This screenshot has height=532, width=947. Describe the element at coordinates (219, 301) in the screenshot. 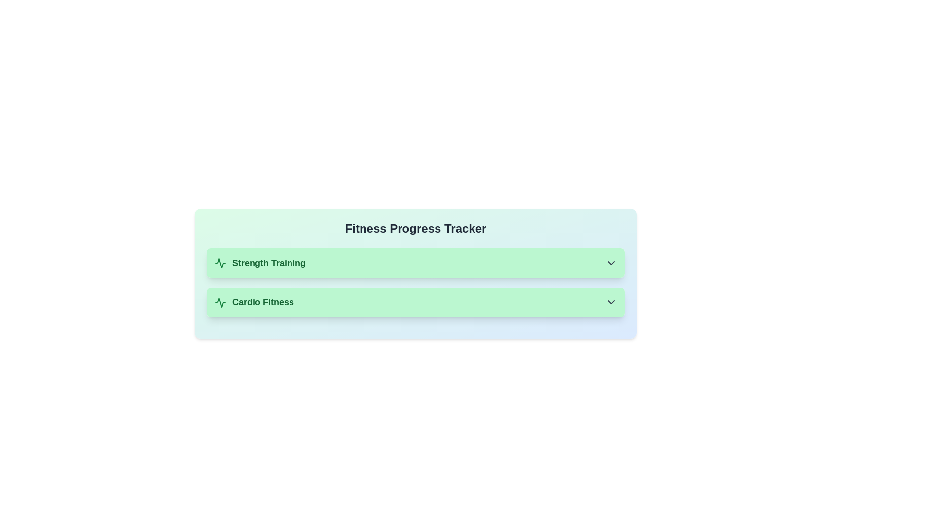

I see `the green pulse icon representing 'Cardio Fitness'` at that location.